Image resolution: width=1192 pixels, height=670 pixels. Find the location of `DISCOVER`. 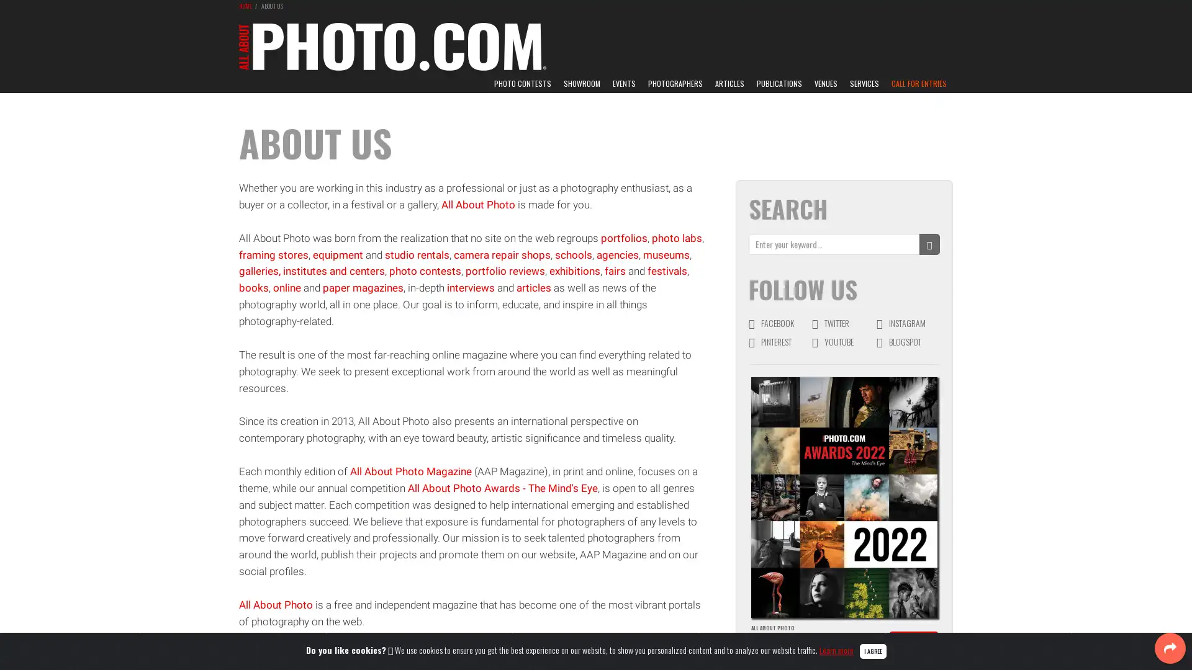

DISCOVER is located at coordinates (914, 641).